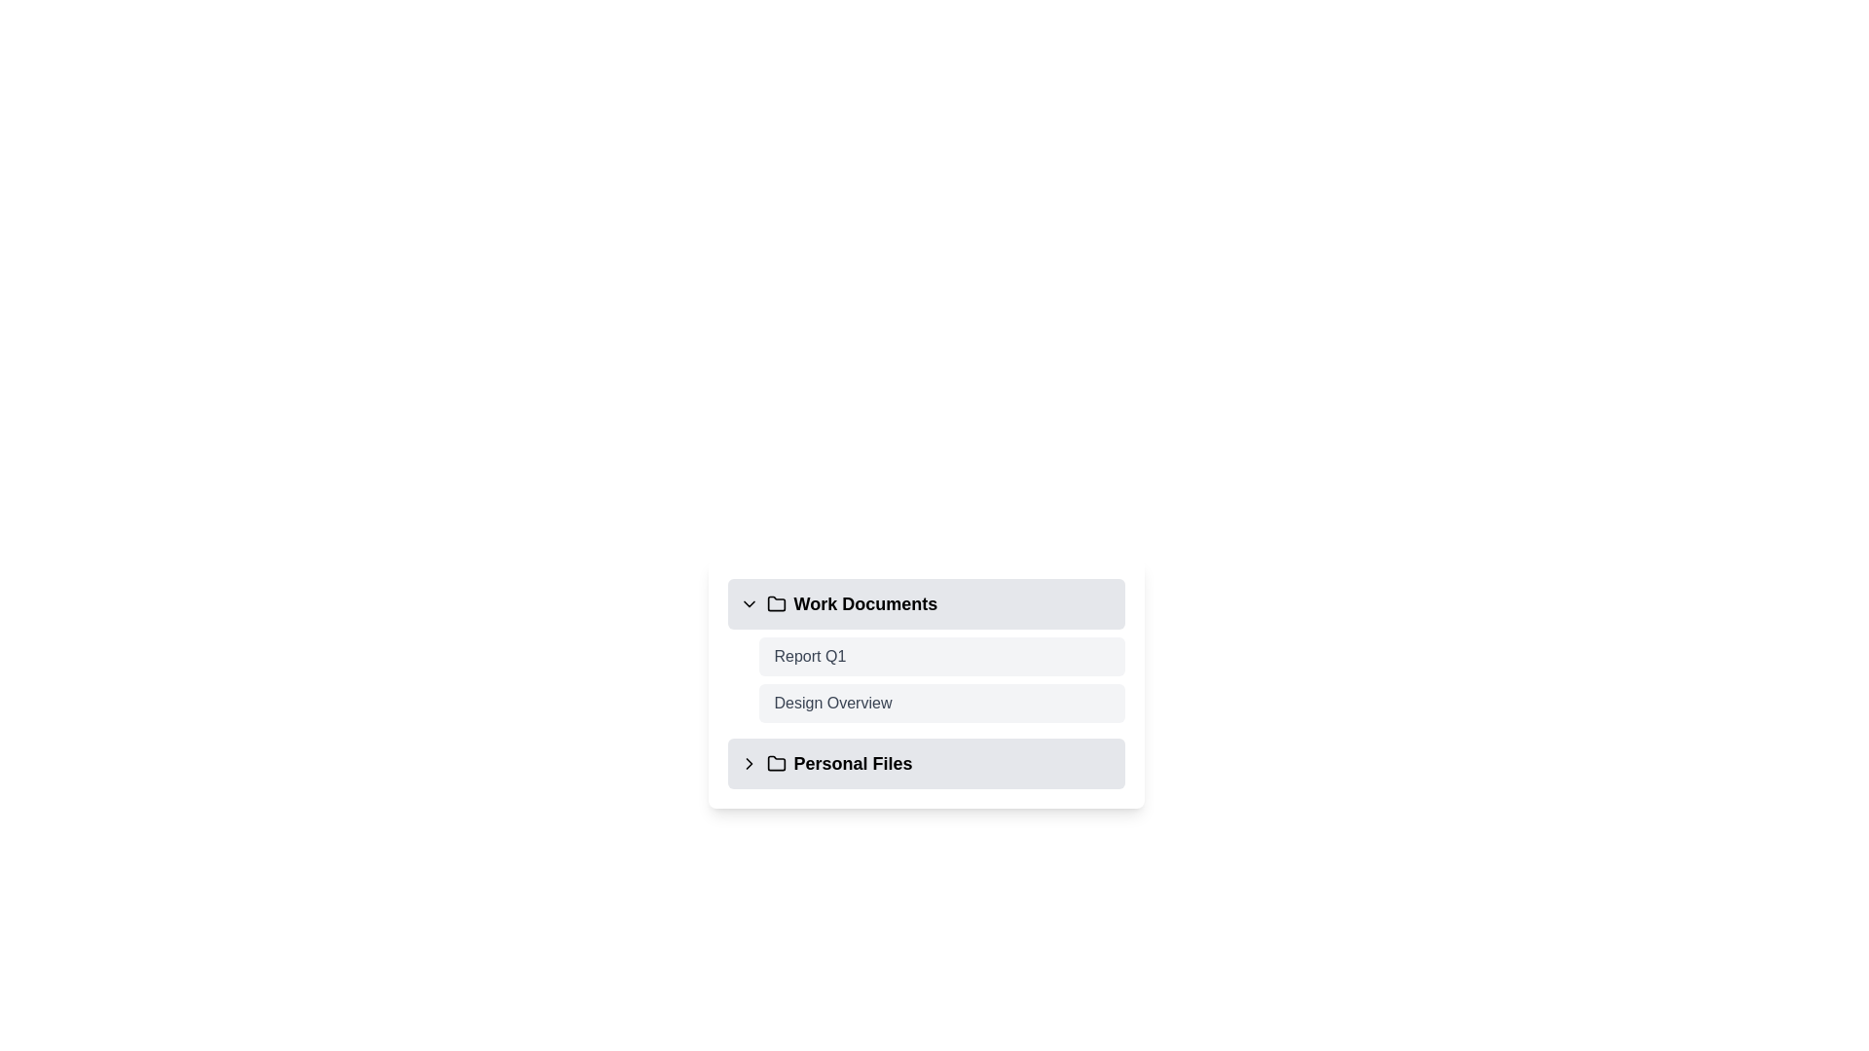 The width and height of the screenshot is (1869, 1051). I want to click on the folder icon located next to the text 'Personal Files' in the gray-highlighted section labeled 'Personal Files', so click(775, 763).